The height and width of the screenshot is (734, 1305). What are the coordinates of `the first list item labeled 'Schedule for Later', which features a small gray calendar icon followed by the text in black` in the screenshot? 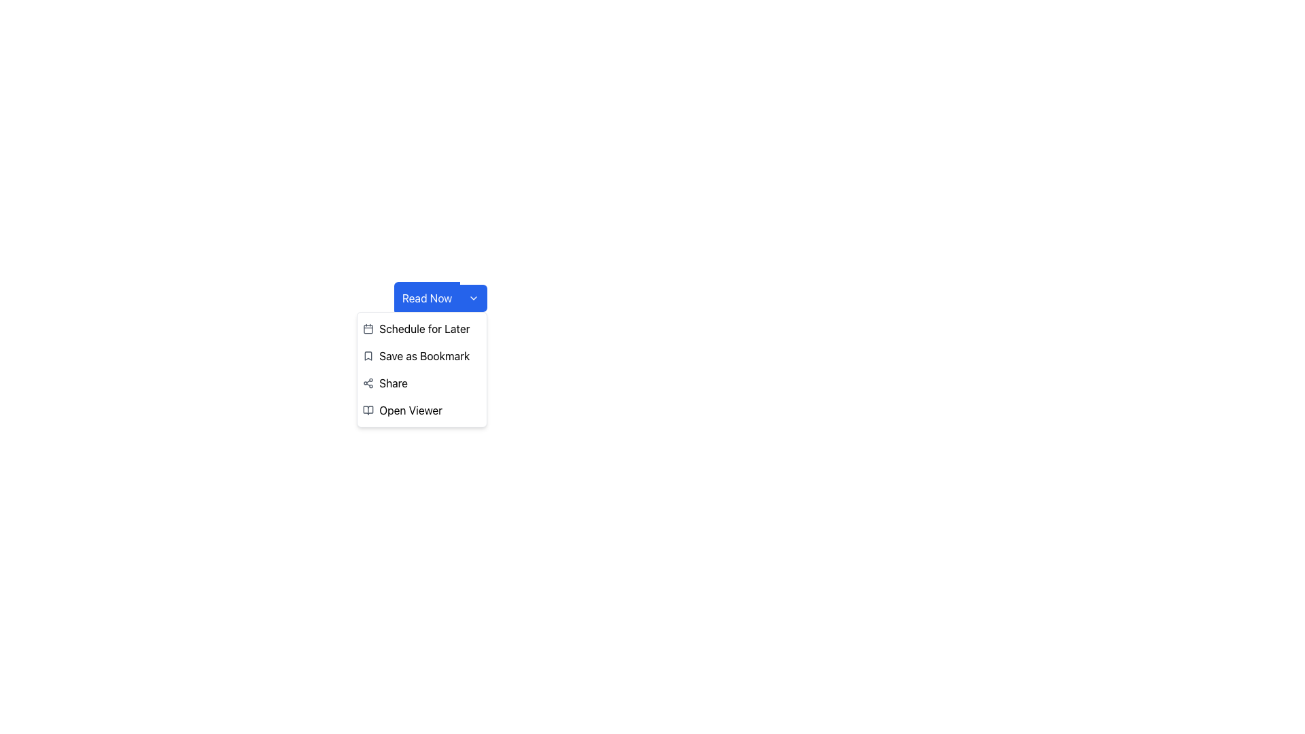 It's located at (421, 328).